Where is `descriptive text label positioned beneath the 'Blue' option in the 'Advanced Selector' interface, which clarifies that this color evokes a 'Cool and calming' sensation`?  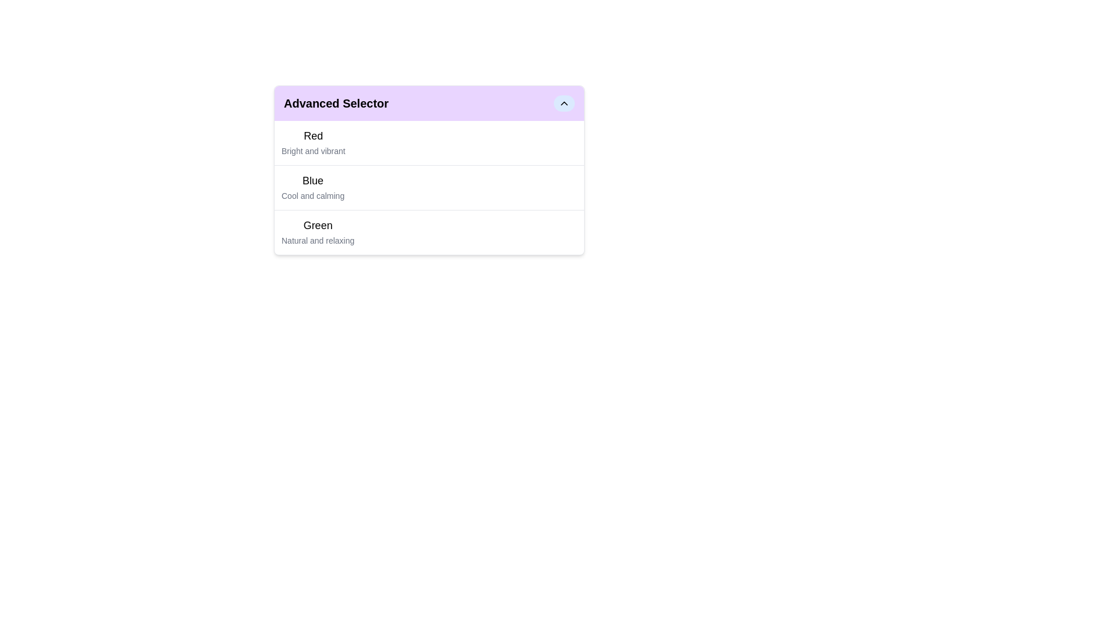
descriptive text label positioned beneath the 'Blue' option in the 'Advanced Selector' interface, which clarifies that this color evokes a 'Cool and calming' sensation is located at coordinates (313, 195).